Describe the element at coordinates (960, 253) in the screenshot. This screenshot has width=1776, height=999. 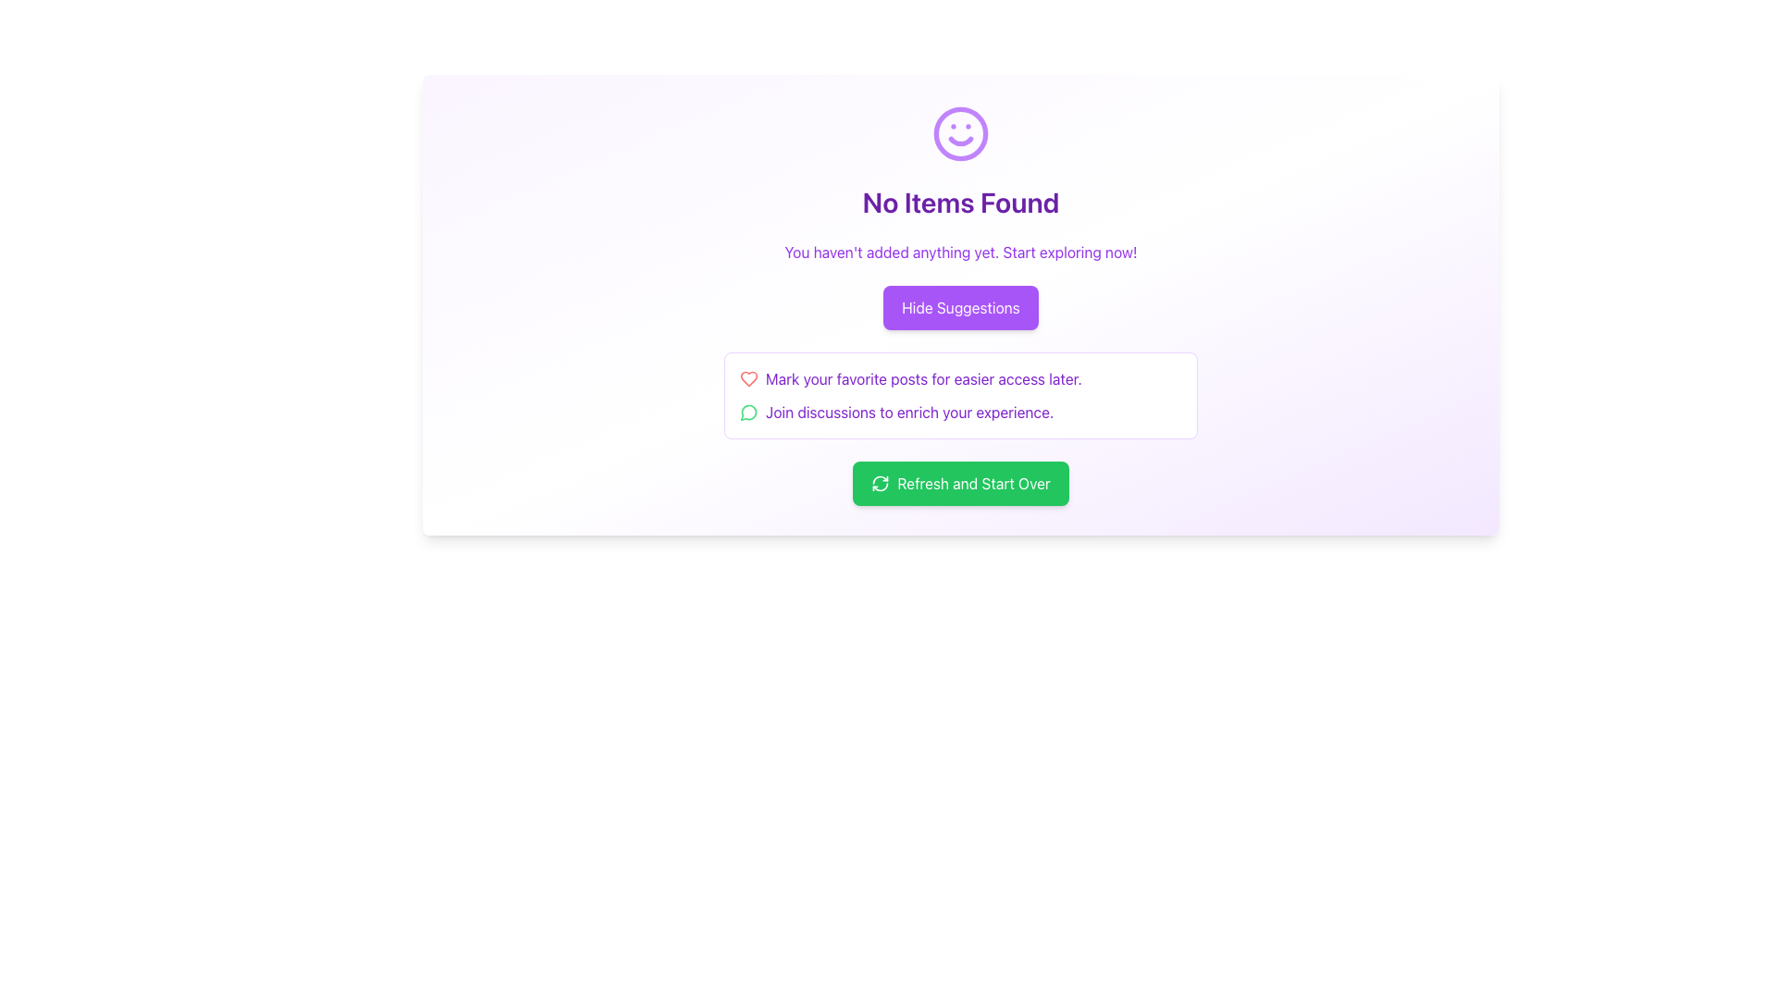
I see `the informational text component that indicates no items have been added, located below the 'No Items Found' heading and above the 'Hide Suggestions' button` at that location.